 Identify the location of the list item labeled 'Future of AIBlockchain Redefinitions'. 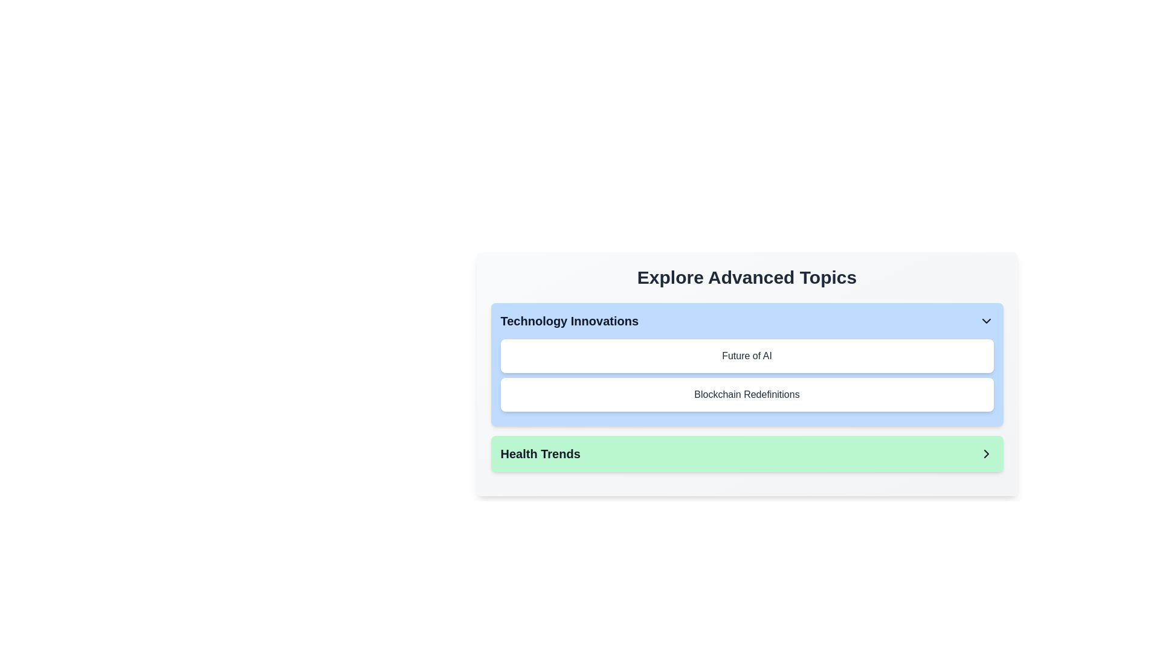
(746, 374).